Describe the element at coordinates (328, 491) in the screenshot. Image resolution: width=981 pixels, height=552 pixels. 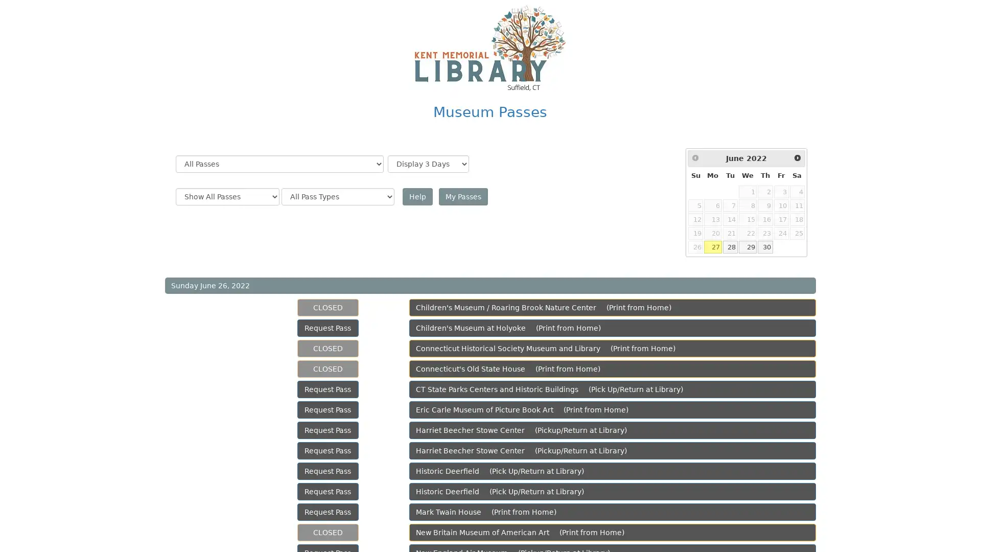
I see `Request Pass` at that location.